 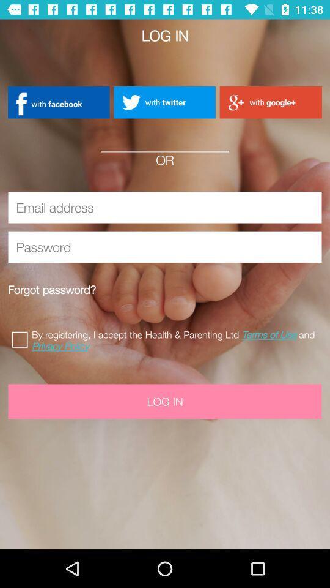 What do you see at coordinates (165, 246) in the screenshot?
I see `password` at bounding box center [165, 246].